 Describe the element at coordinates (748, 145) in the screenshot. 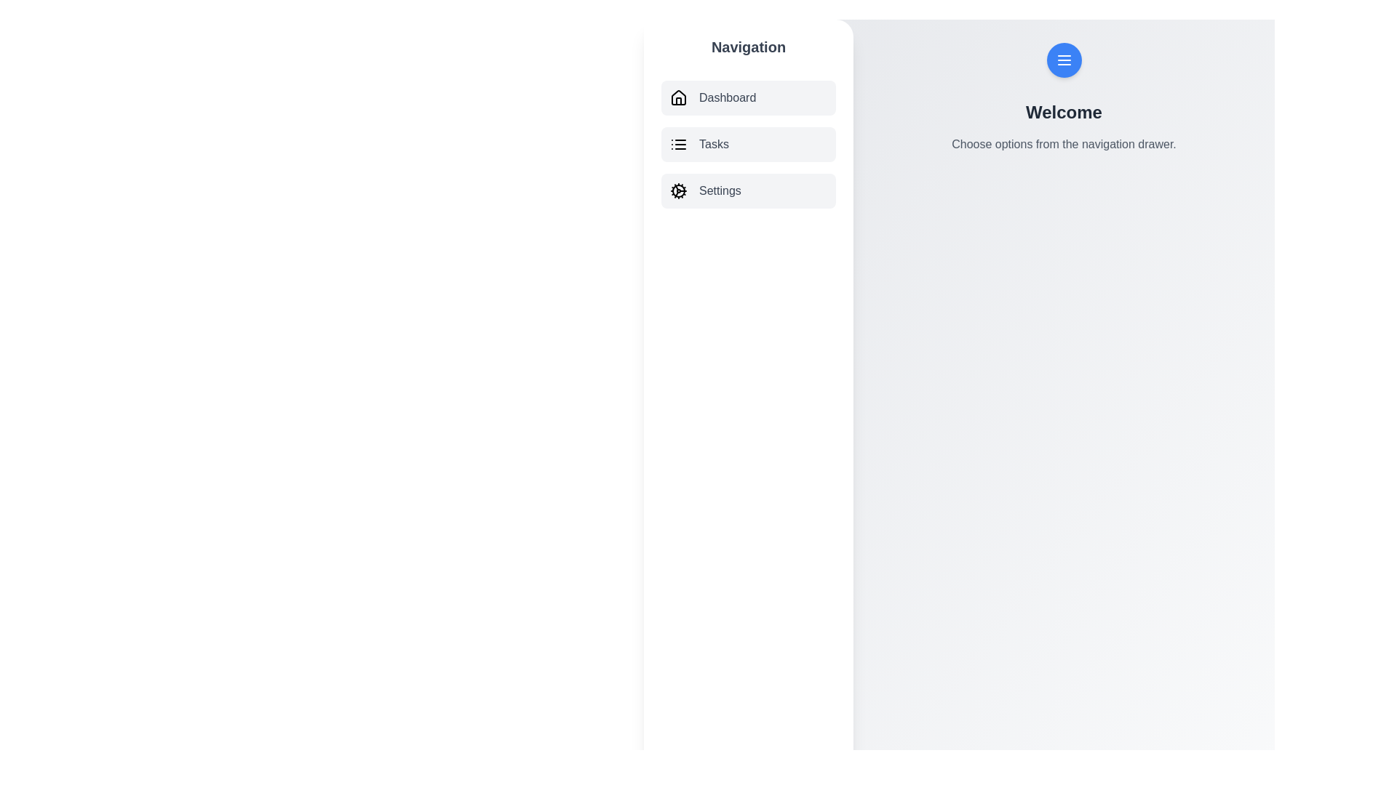

I see `the navigation item Tasks from the drawer` at that location.